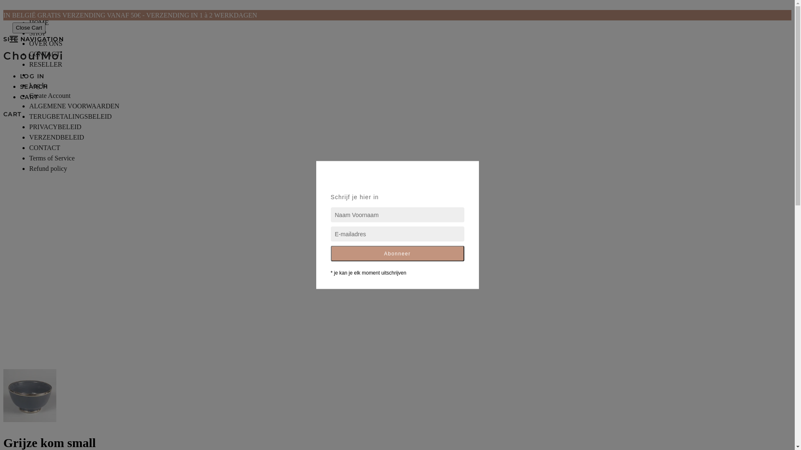 The image size is (801, 450). What do you see at coordinates (38, 85) in the screenshot?
I see `'Log In'` at bounding box center [38, 85].